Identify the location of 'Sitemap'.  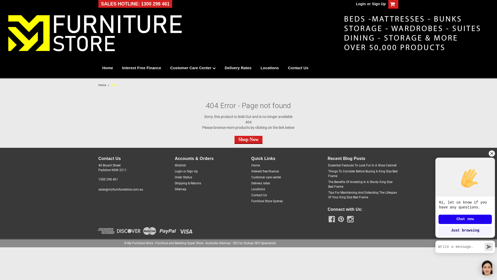
(180, 189).